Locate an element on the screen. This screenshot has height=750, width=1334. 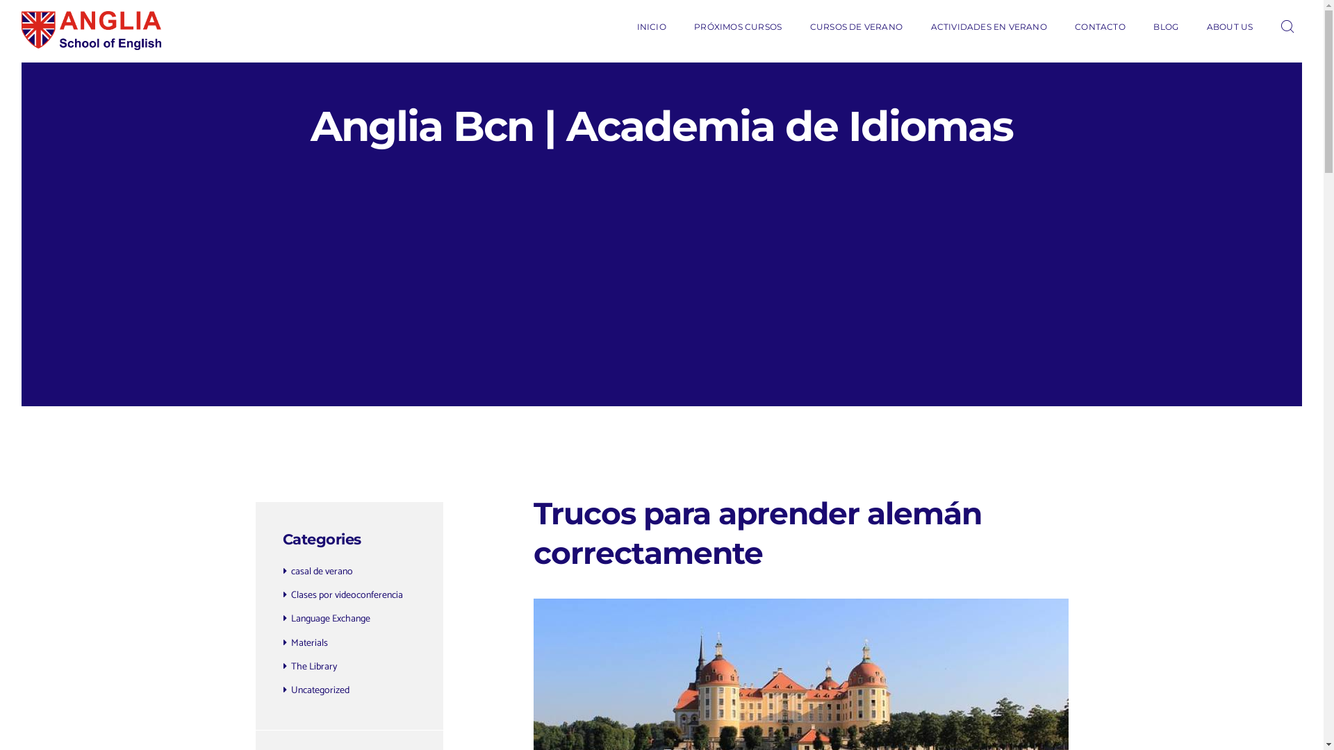
'ABOUT US' is located at coordinates (1192, 26).